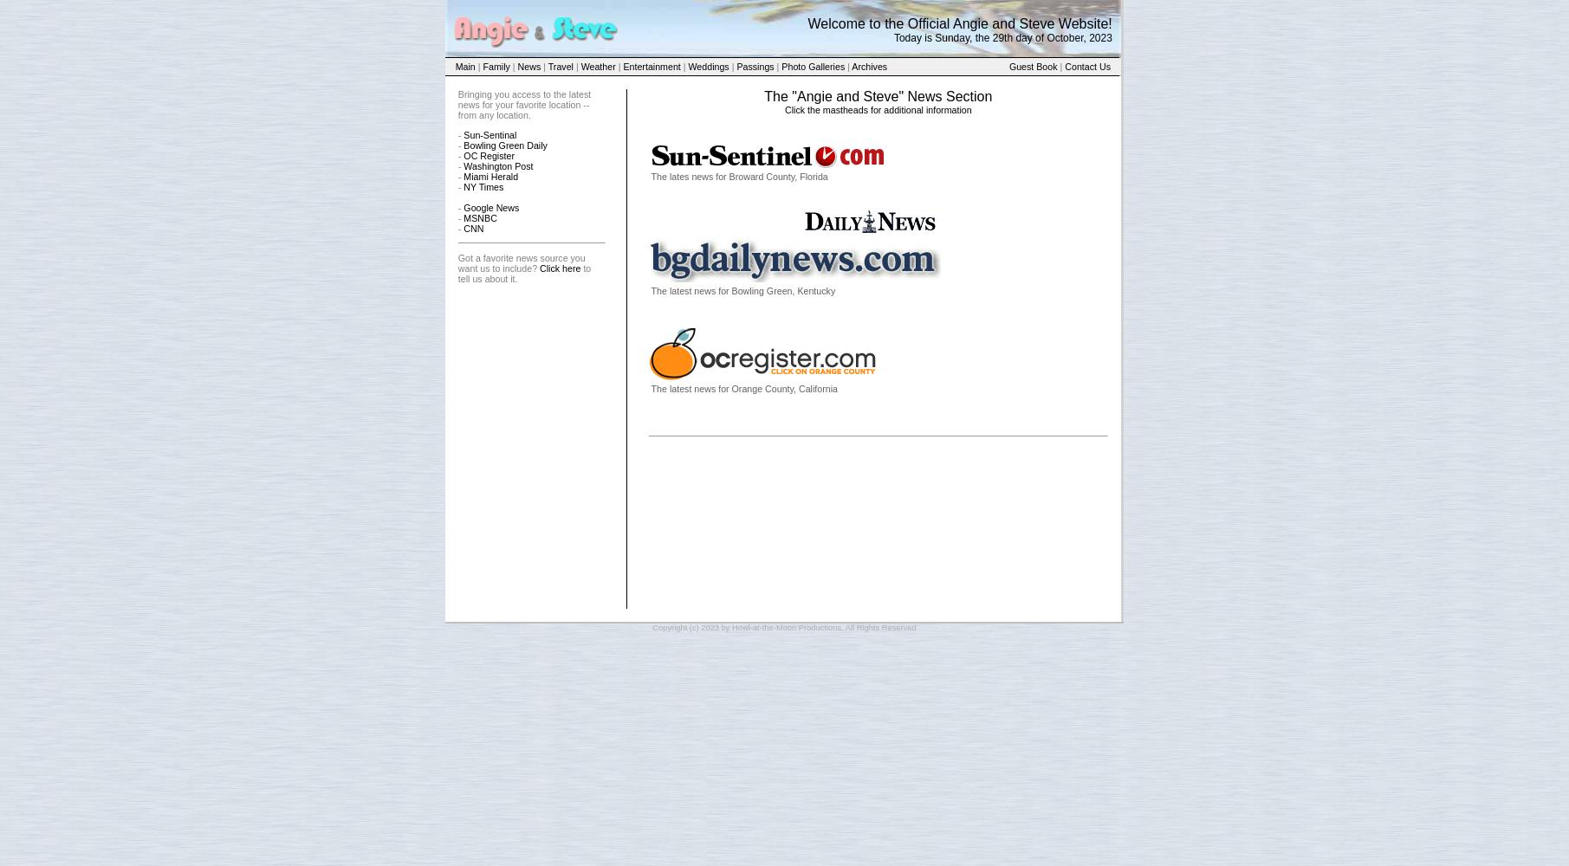 Image resolution: width=1569 pixels, height=866 pixels. What do you see at coordinates (737, 175) in the screenshot?
I see `'The lates news for Broward County, Florida'` at bounding box center [737, 175].